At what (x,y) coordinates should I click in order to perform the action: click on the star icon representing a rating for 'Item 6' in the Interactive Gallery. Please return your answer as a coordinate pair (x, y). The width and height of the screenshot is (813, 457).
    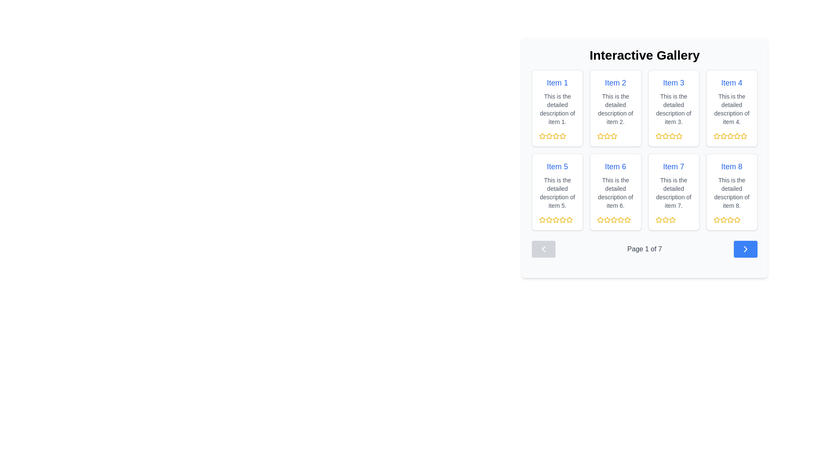
    Looking at the image, I should click on (607, 219).